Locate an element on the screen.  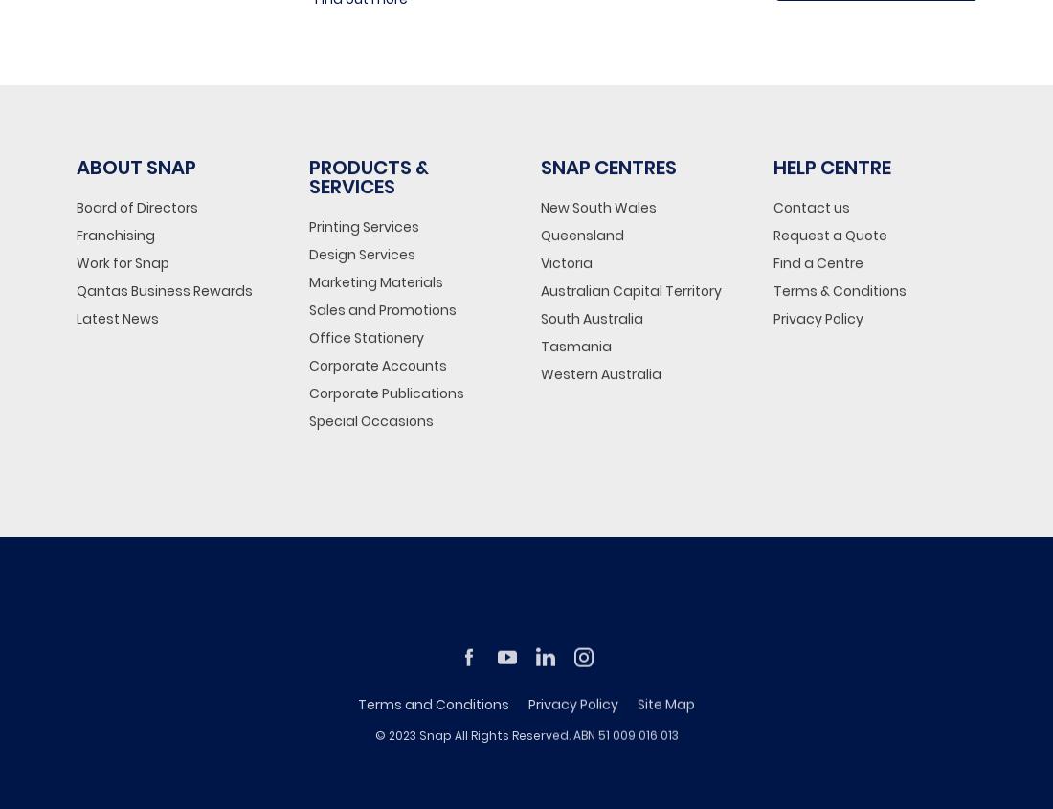
'Franchising' is located at coordinates (116, 233).